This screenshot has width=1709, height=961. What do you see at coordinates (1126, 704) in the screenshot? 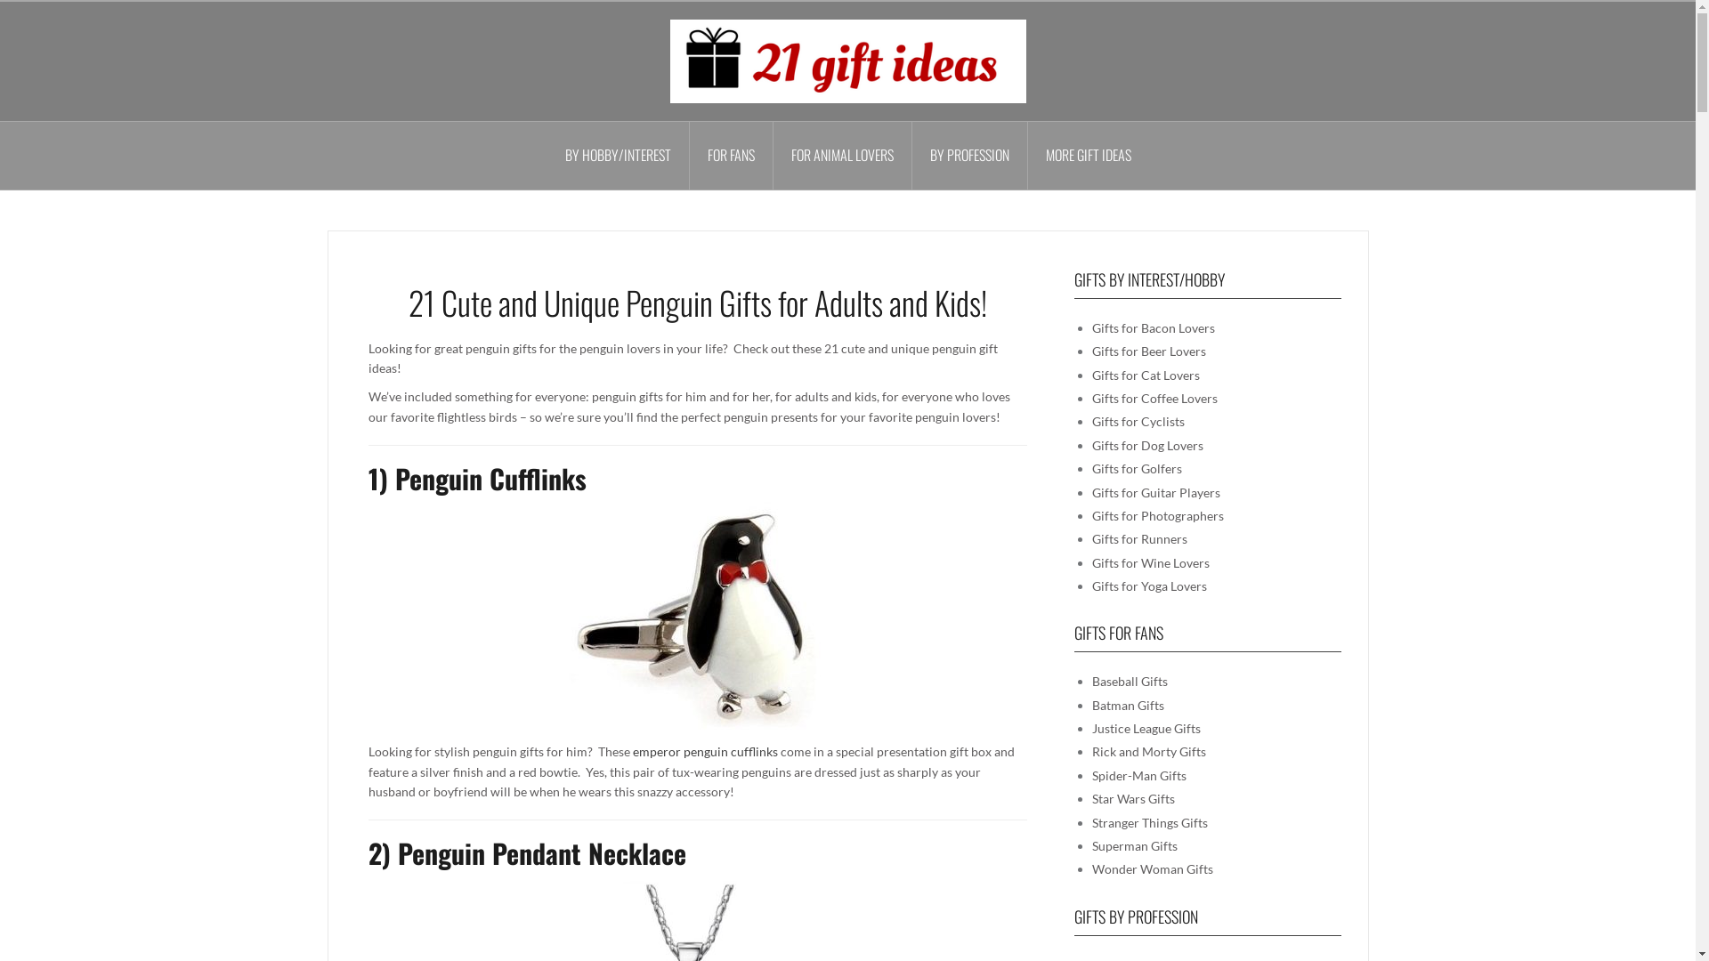
I see `'Batman Gifts'` at bounding box center [1126, 704].